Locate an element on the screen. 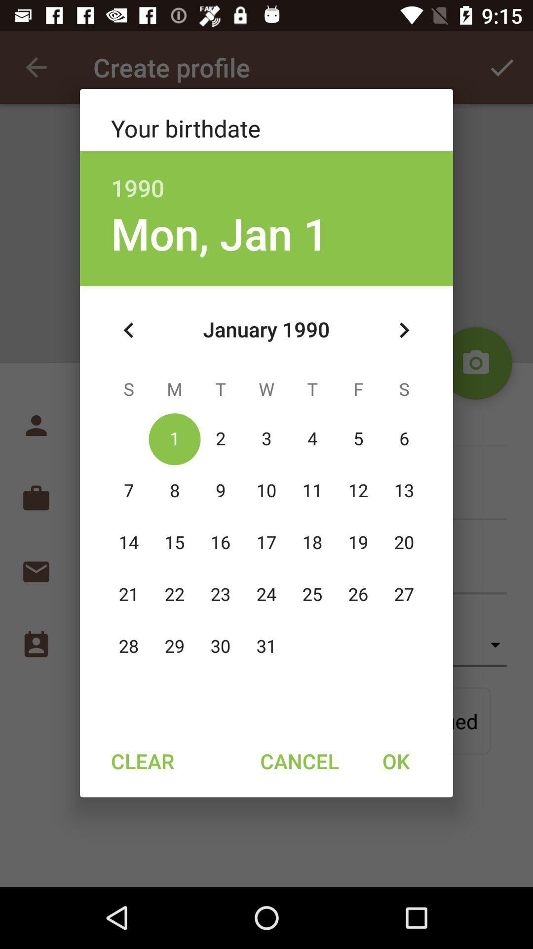  item above mon, jan 1 icon is located at coordinates (266, 177).